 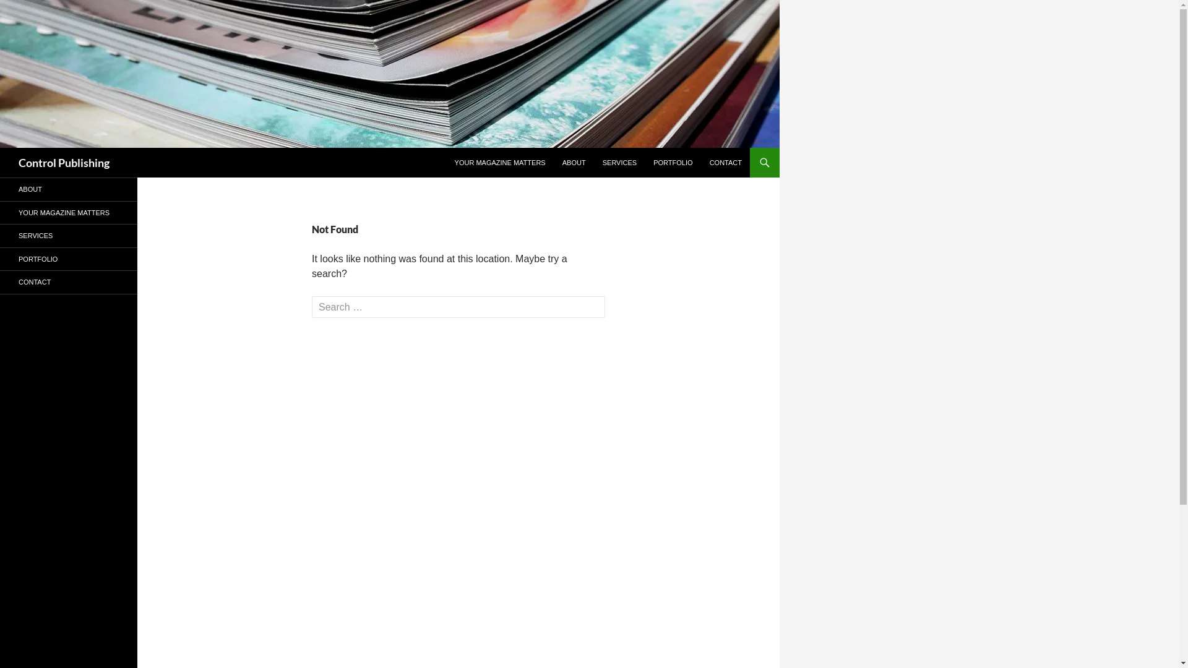 I want to click on 'YOUR MAGAZINE MATTERS', so click(x=67, y=212).